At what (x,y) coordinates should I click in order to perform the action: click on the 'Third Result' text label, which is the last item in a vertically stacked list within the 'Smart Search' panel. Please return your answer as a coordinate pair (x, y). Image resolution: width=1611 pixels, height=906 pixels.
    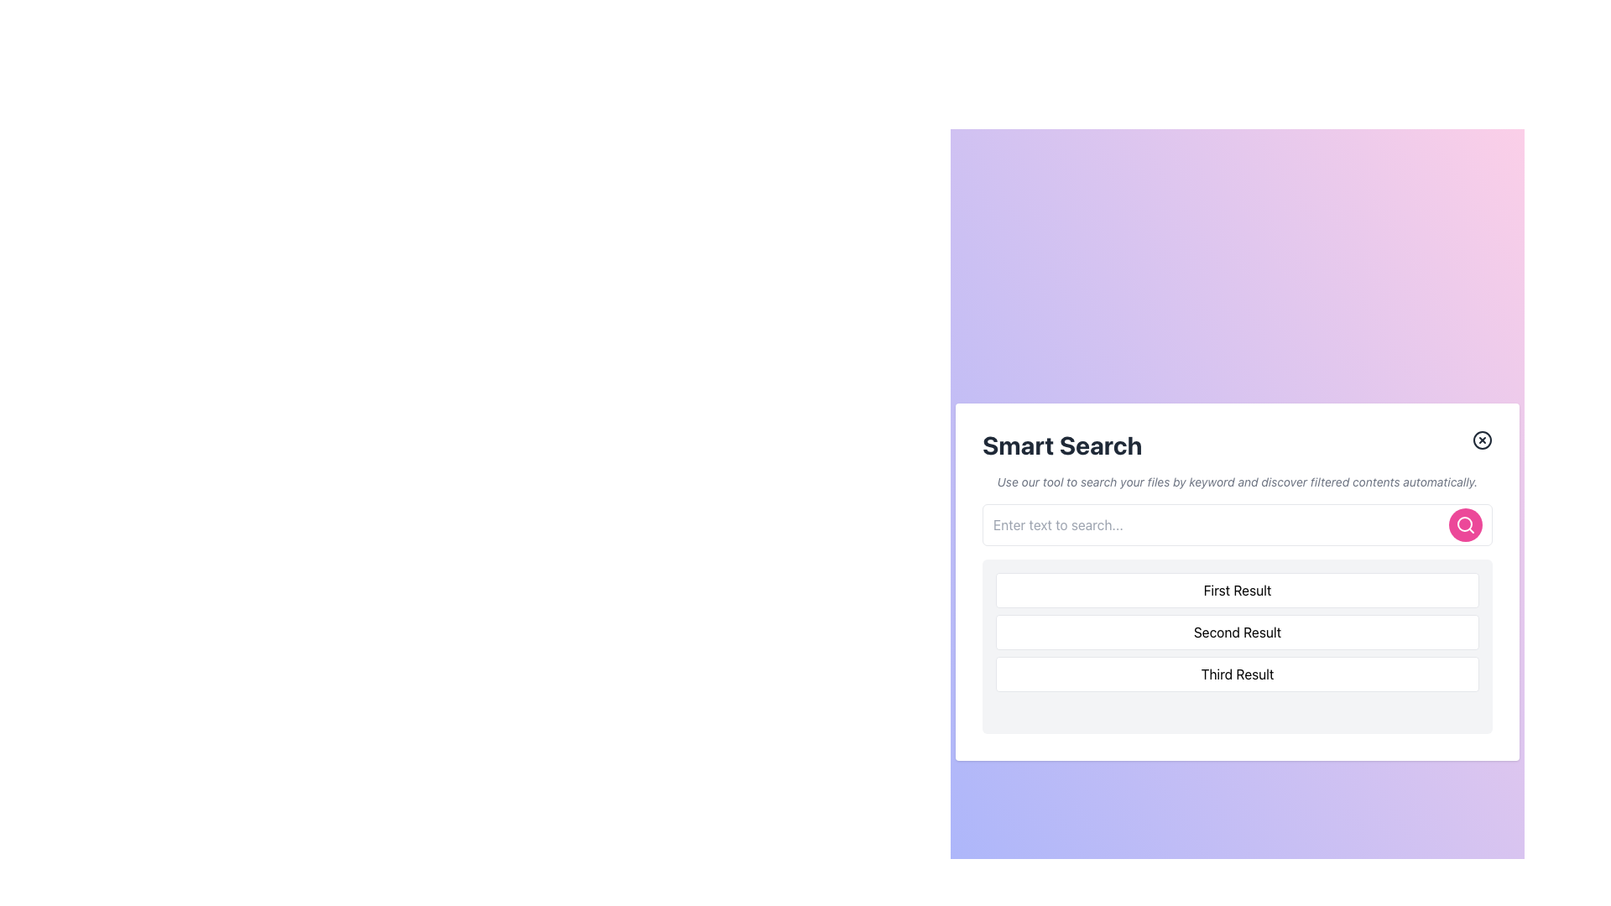
    Looking at the image, I should click on (1237, 673).